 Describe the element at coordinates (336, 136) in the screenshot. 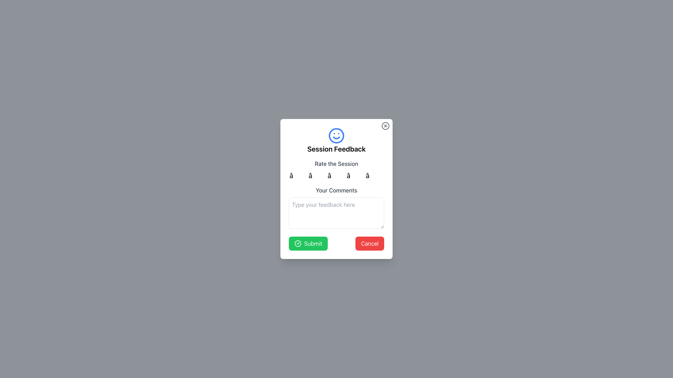

I see `the circular smiley face icon with a blue outline, blue eyes, and a blue smile, which is located above the 'Session Feedback' text in the feedback card interface` at that location.